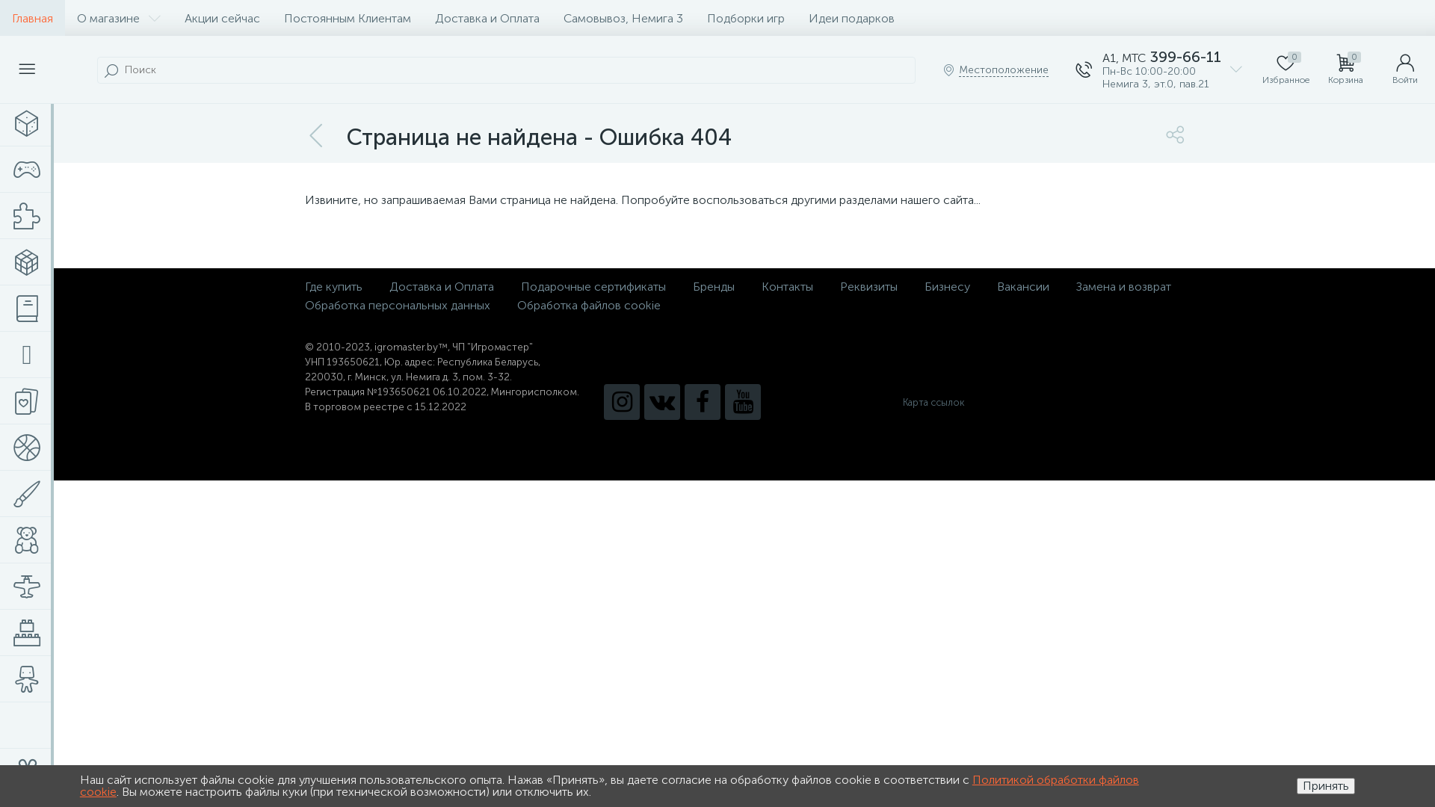 This screenshot has height=807, width=1435. I want to click on 'YouTube', so click(724, 401).